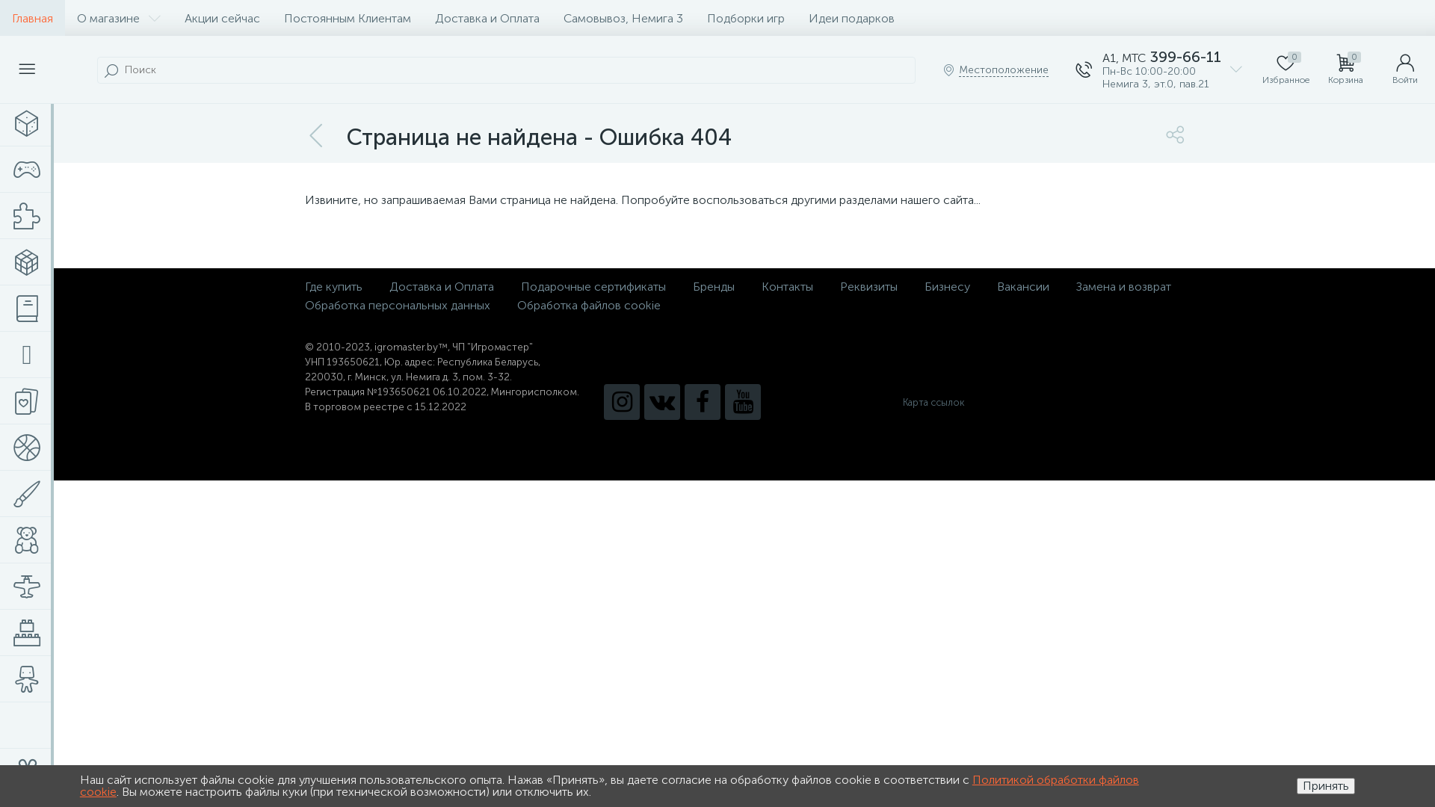 This screenshot has height=807, width=1435. I want to click on 'YouTube', so click(724, 401).